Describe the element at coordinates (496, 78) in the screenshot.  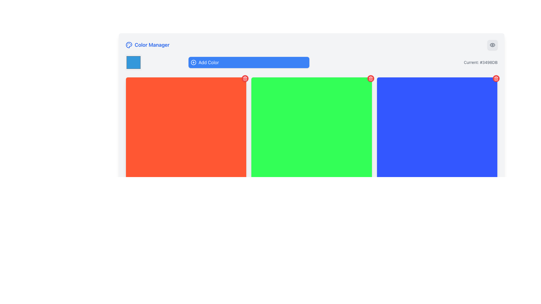
I see `the trash can icon with a red background located in the top-right corner of the blue color block, which serves as the delete button` at that location.